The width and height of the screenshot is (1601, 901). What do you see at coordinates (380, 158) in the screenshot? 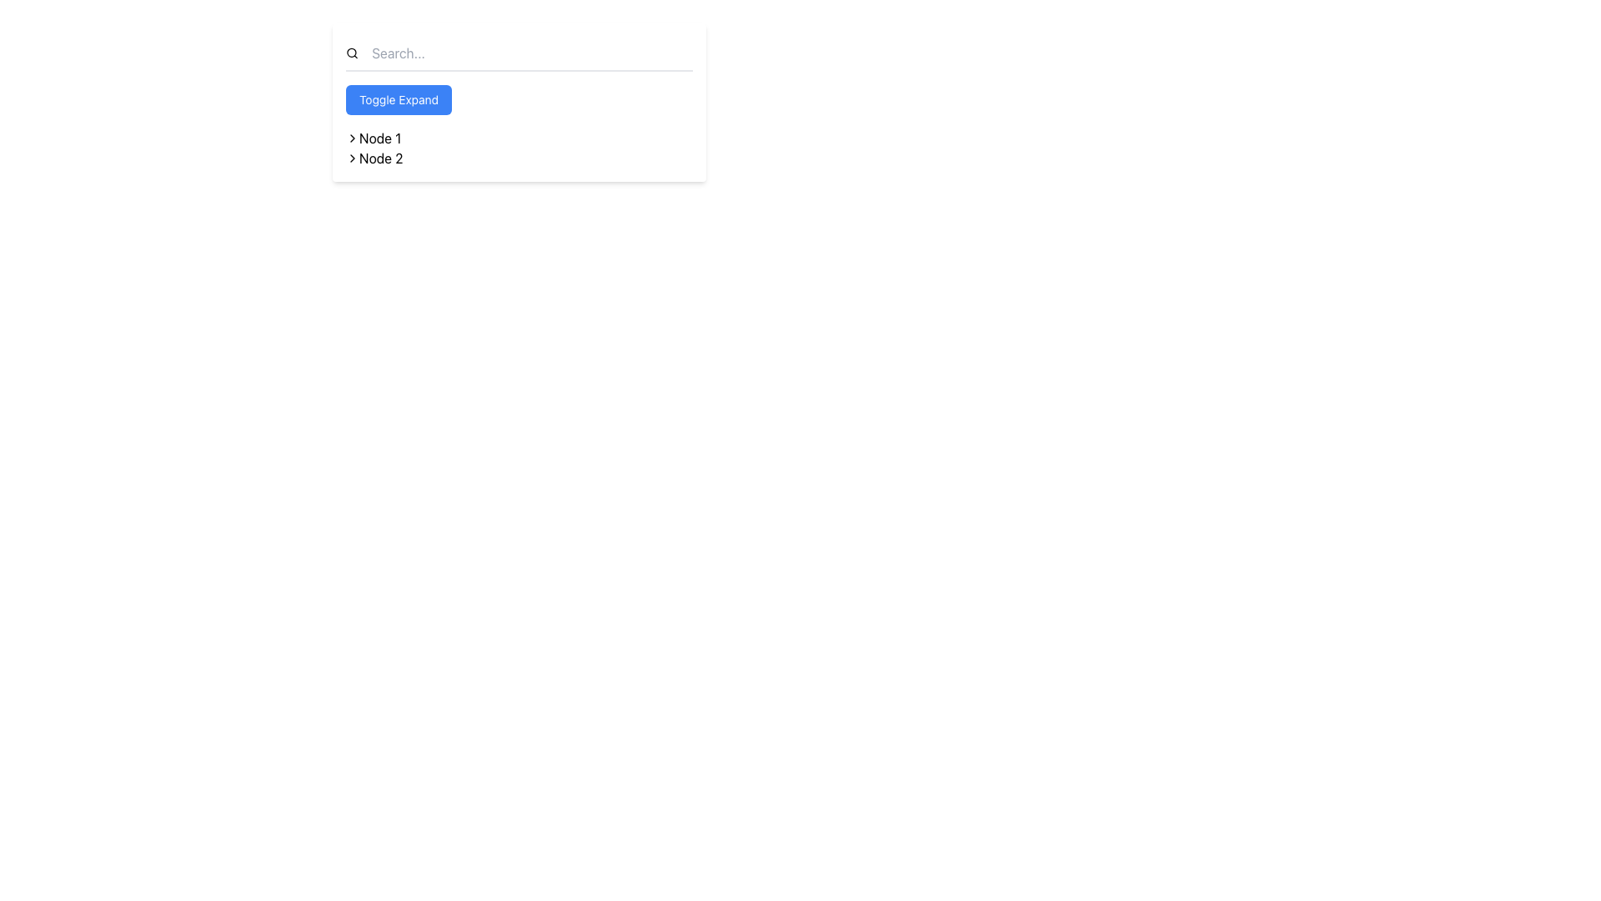
I see `the text item labeled 'Node 2'` at bounding box center [380, 158].